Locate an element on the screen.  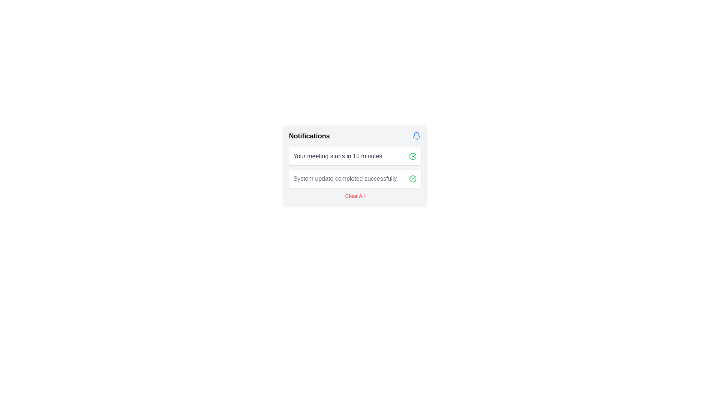
the Notification Item displaying 'System update completed successfully' with a green checkmark icon, which is the second notification in the list is located at coordinates (354, 179).